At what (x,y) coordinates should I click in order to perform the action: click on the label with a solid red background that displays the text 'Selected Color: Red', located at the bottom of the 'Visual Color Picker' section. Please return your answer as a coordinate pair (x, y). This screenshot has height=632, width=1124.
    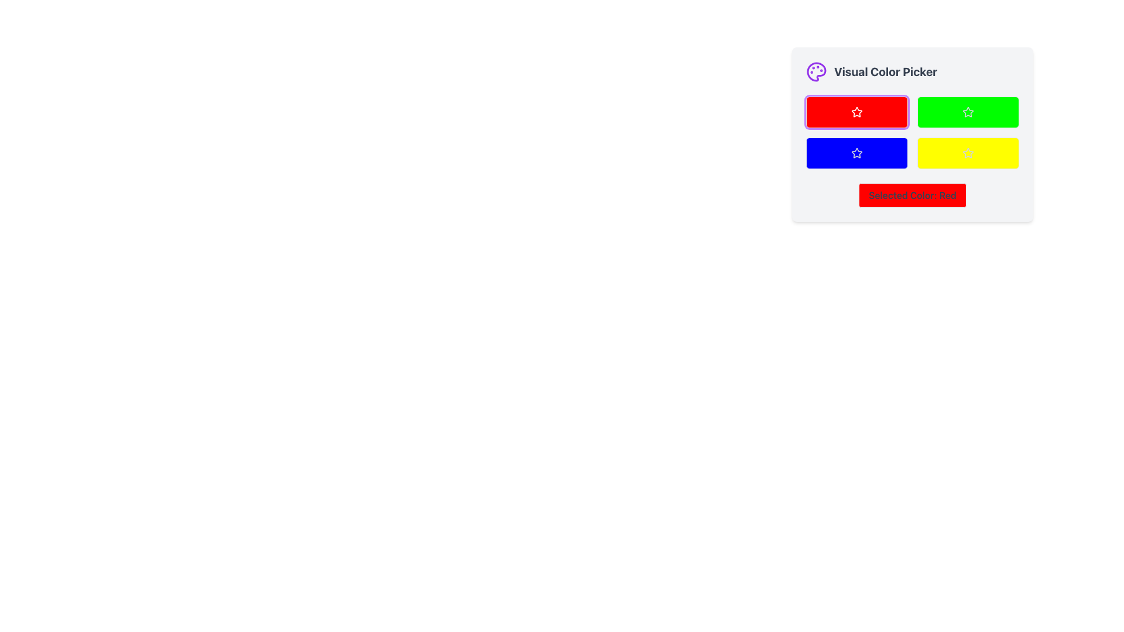
    Looking at the image, I should click on (912, 195).